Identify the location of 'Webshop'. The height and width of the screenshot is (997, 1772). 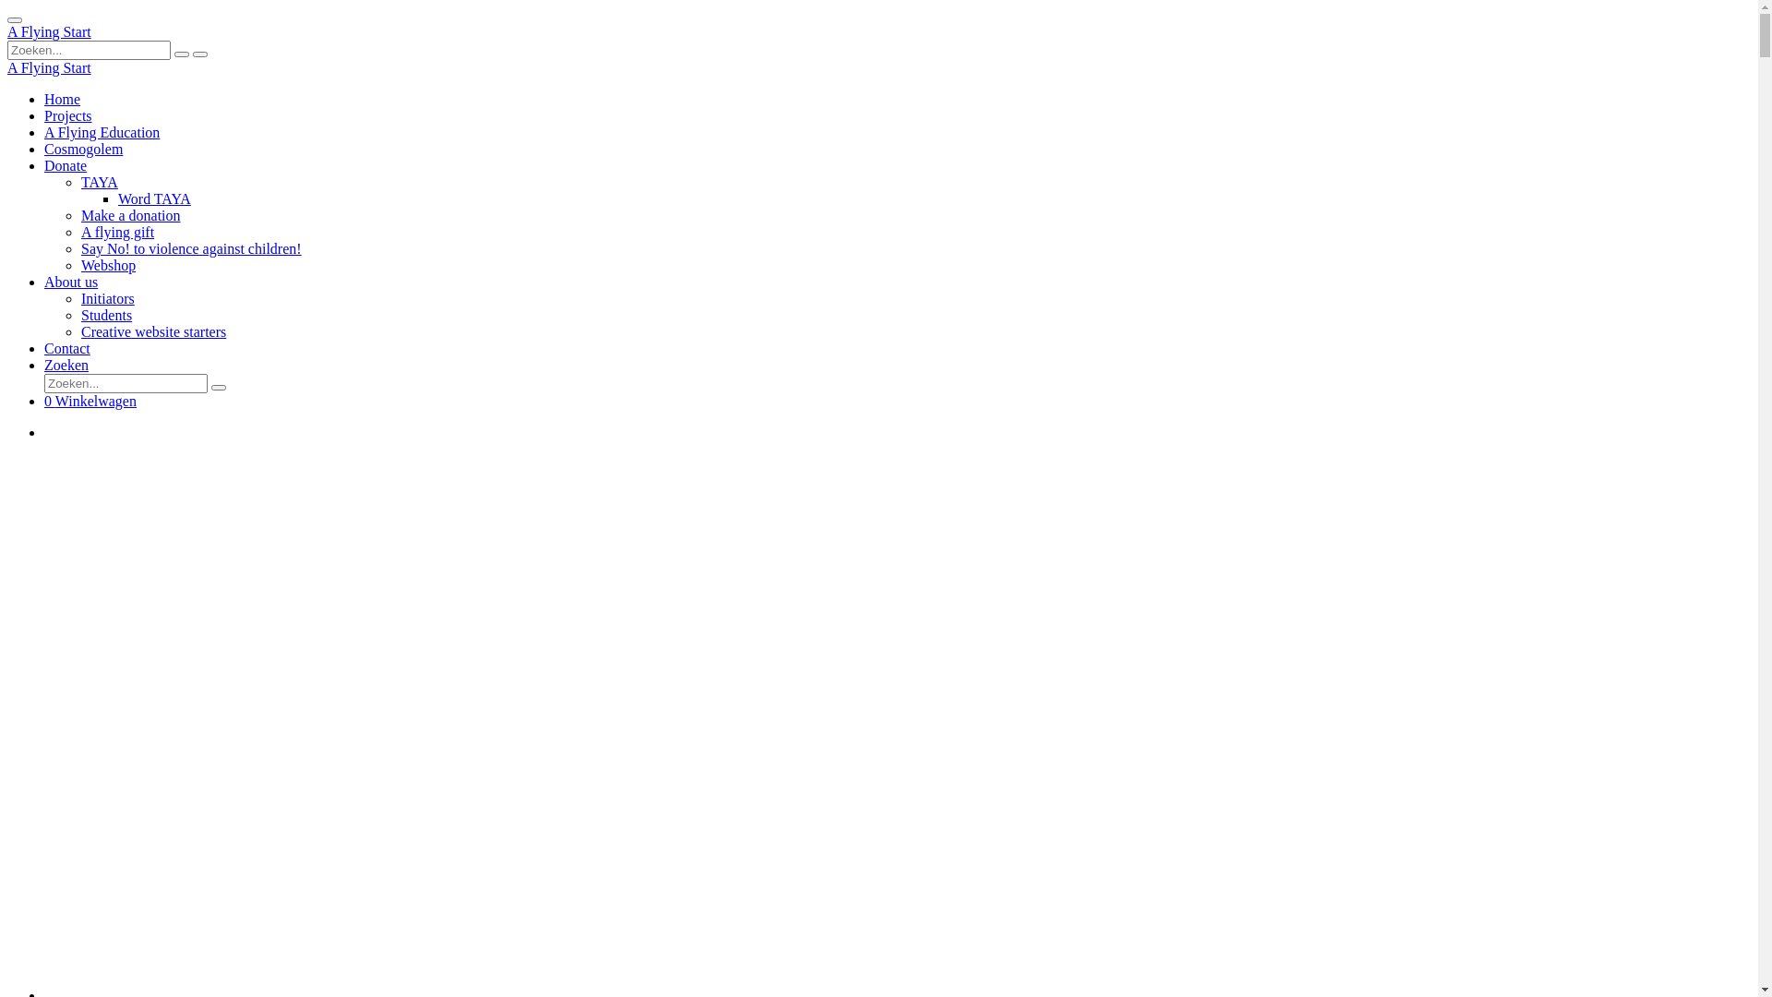
(107, 265).